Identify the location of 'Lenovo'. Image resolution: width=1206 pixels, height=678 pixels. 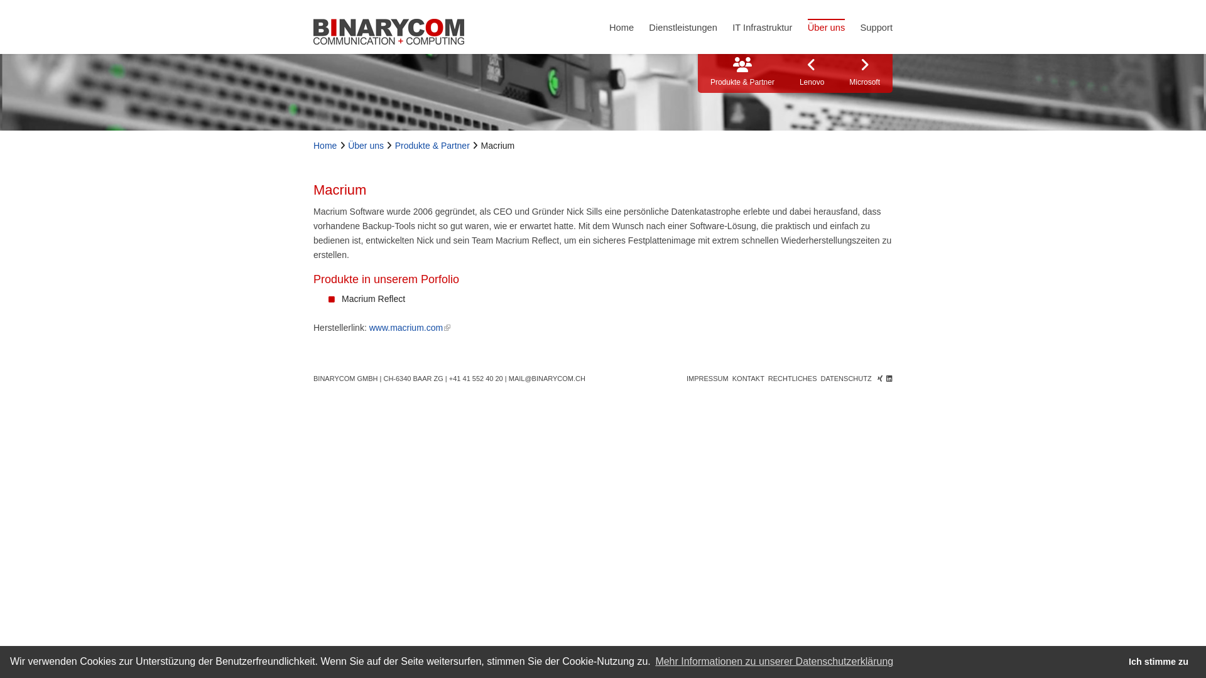
(812, 73).